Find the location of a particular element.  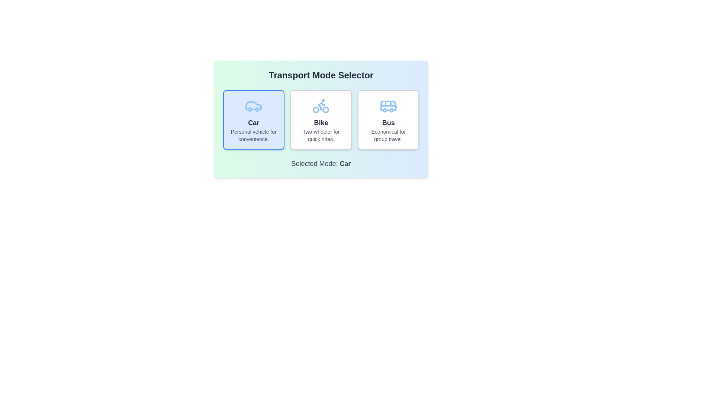

the 'Car' option icon in the transport mode selector interface, which is centrally positioned within the 'Car' panel, above the text label 'Car' and the description 'Personal vehicle for convenience.' is located at coordinates (254, 106).